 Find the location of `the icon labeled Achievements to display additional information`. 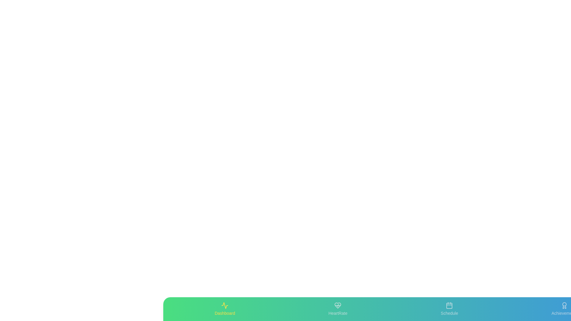

the icon labeled Achievements to display additional information is located at coordinates (564, 309).